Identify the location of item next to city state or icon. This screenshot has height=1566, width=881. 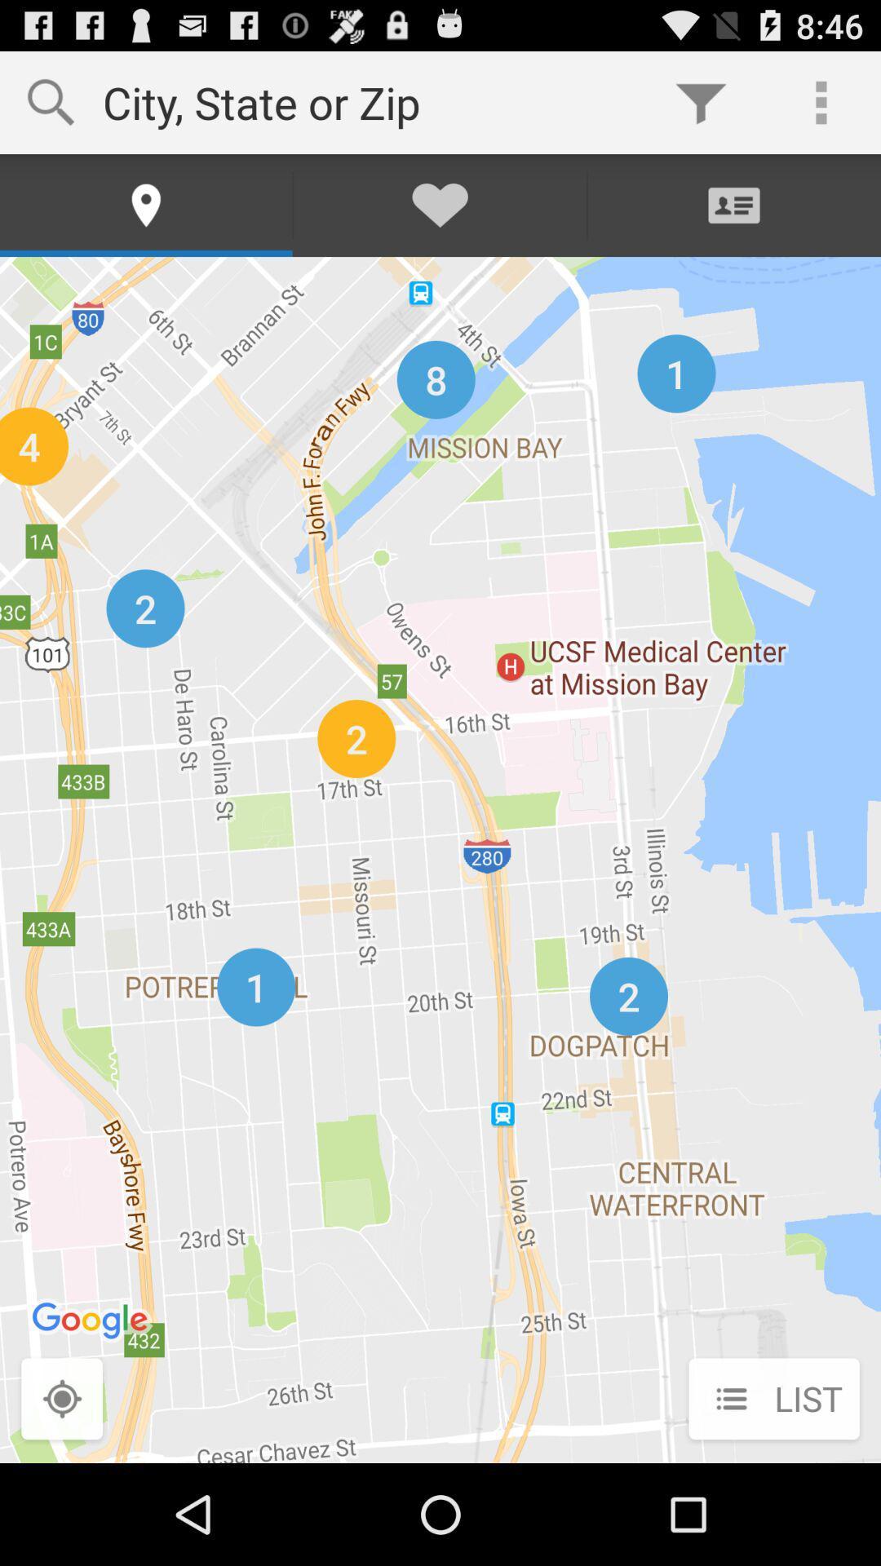
(700, 101).